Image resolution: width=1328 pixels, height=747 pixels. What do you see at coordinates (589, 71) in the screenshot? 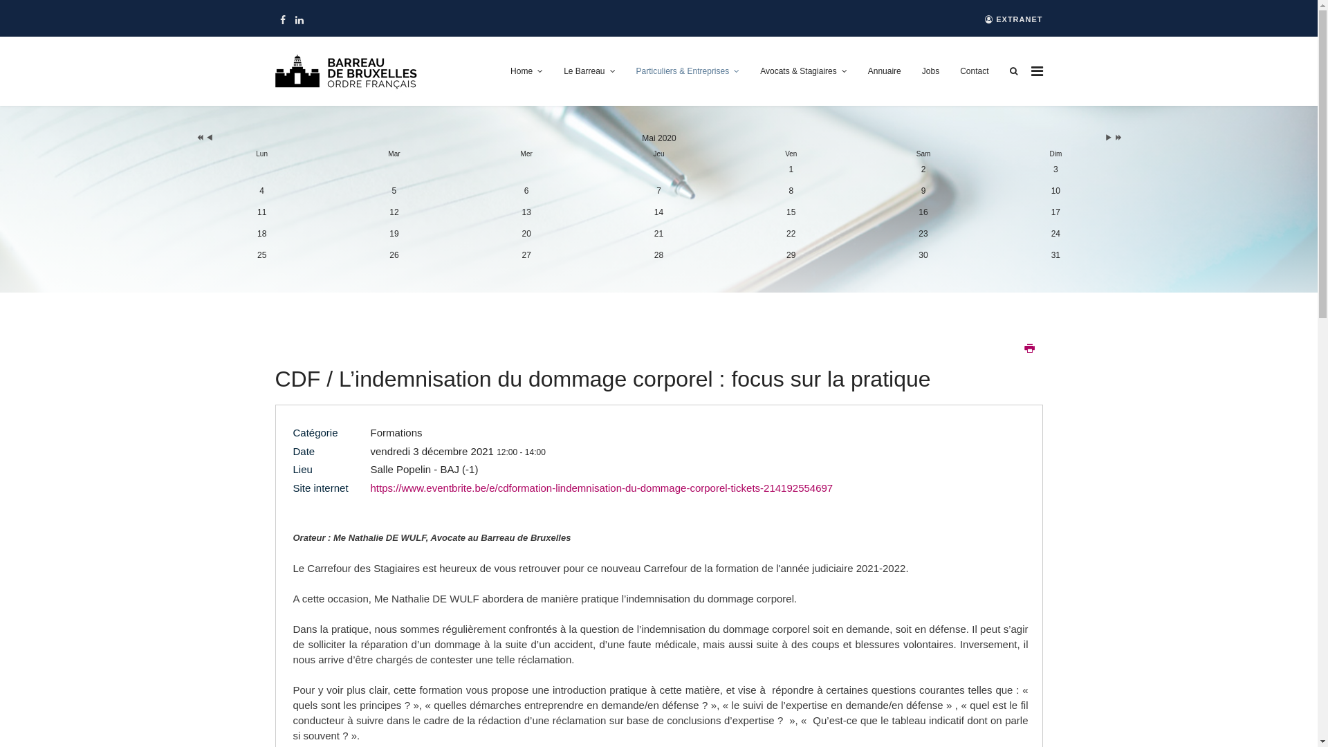
I see `'Le Barreau'` at bounding box center [589, 71].